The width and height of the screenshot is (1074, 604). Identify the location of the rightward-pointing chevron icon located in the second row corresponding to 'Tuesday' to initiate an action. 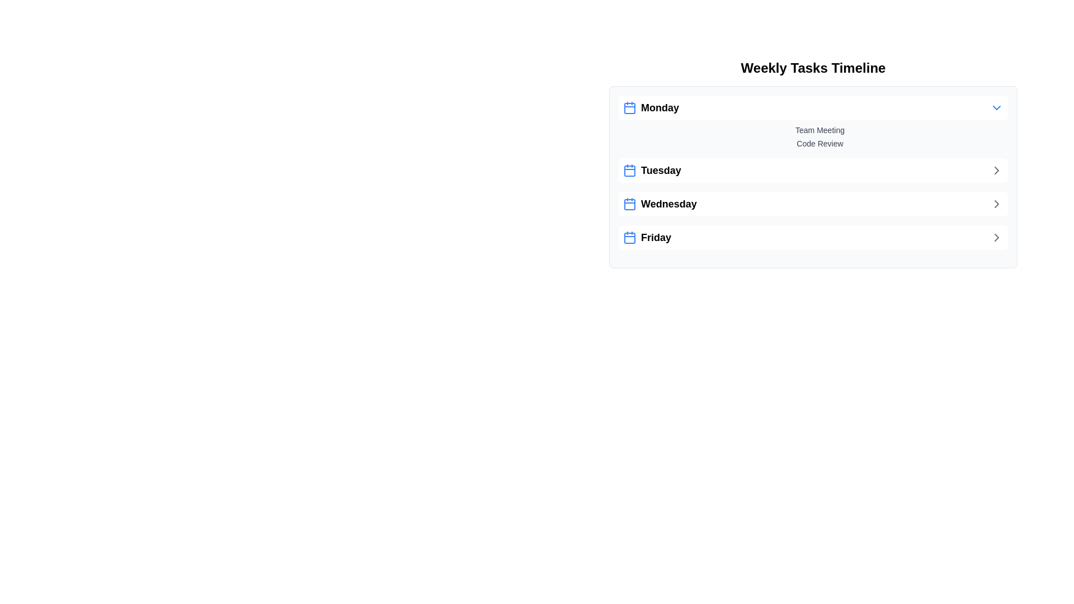
(996, 170).